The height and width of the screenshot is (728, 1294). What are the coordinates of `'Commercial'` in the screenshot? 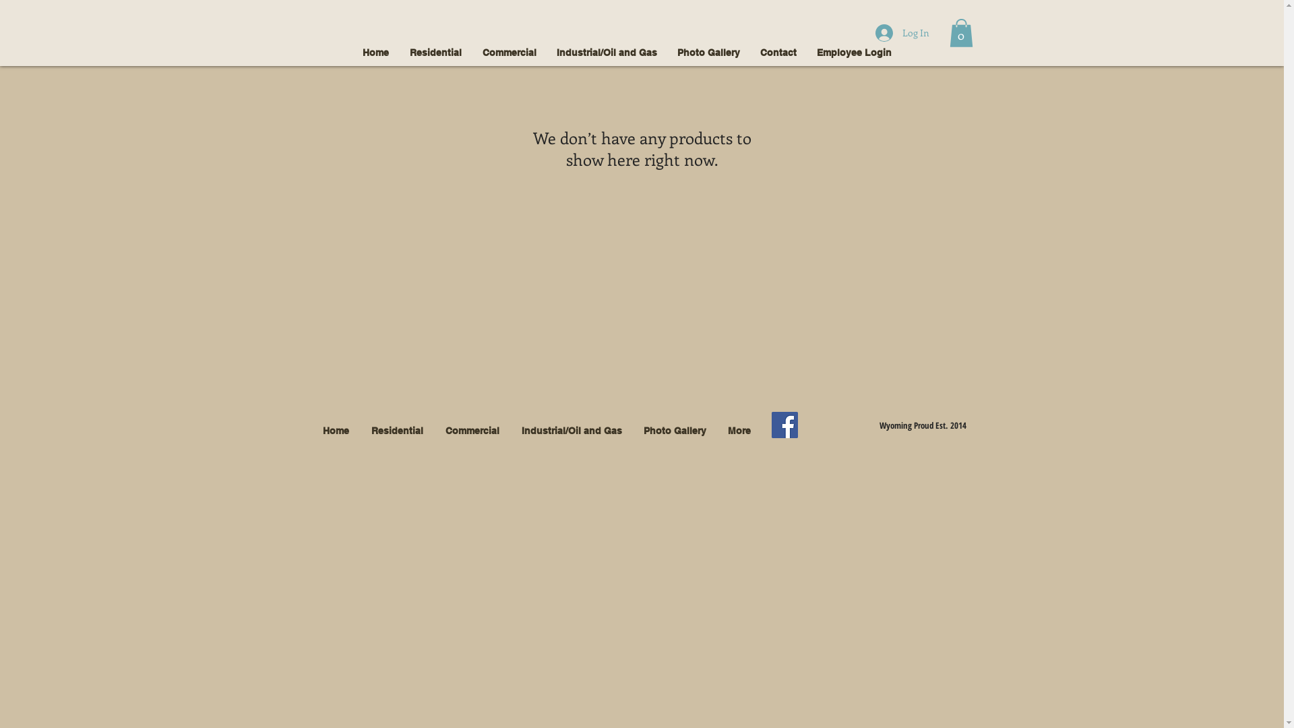 It's located at (472, 431).